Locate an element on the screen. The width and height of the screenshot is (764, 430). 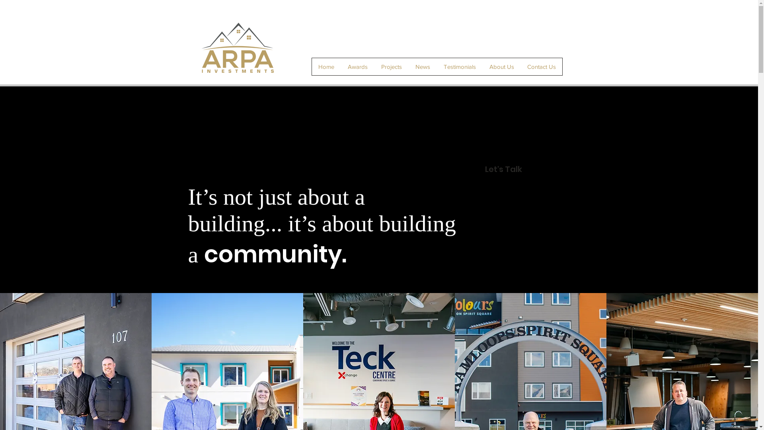
'News' is located at coordinates (422, 66).